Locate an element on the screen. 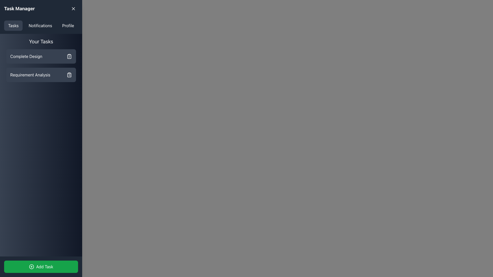 The height and width of the screenshot is (277, 493). the green button at the bottom of the interface that contains the text label for adding a task is located at coordinates (44, 266).